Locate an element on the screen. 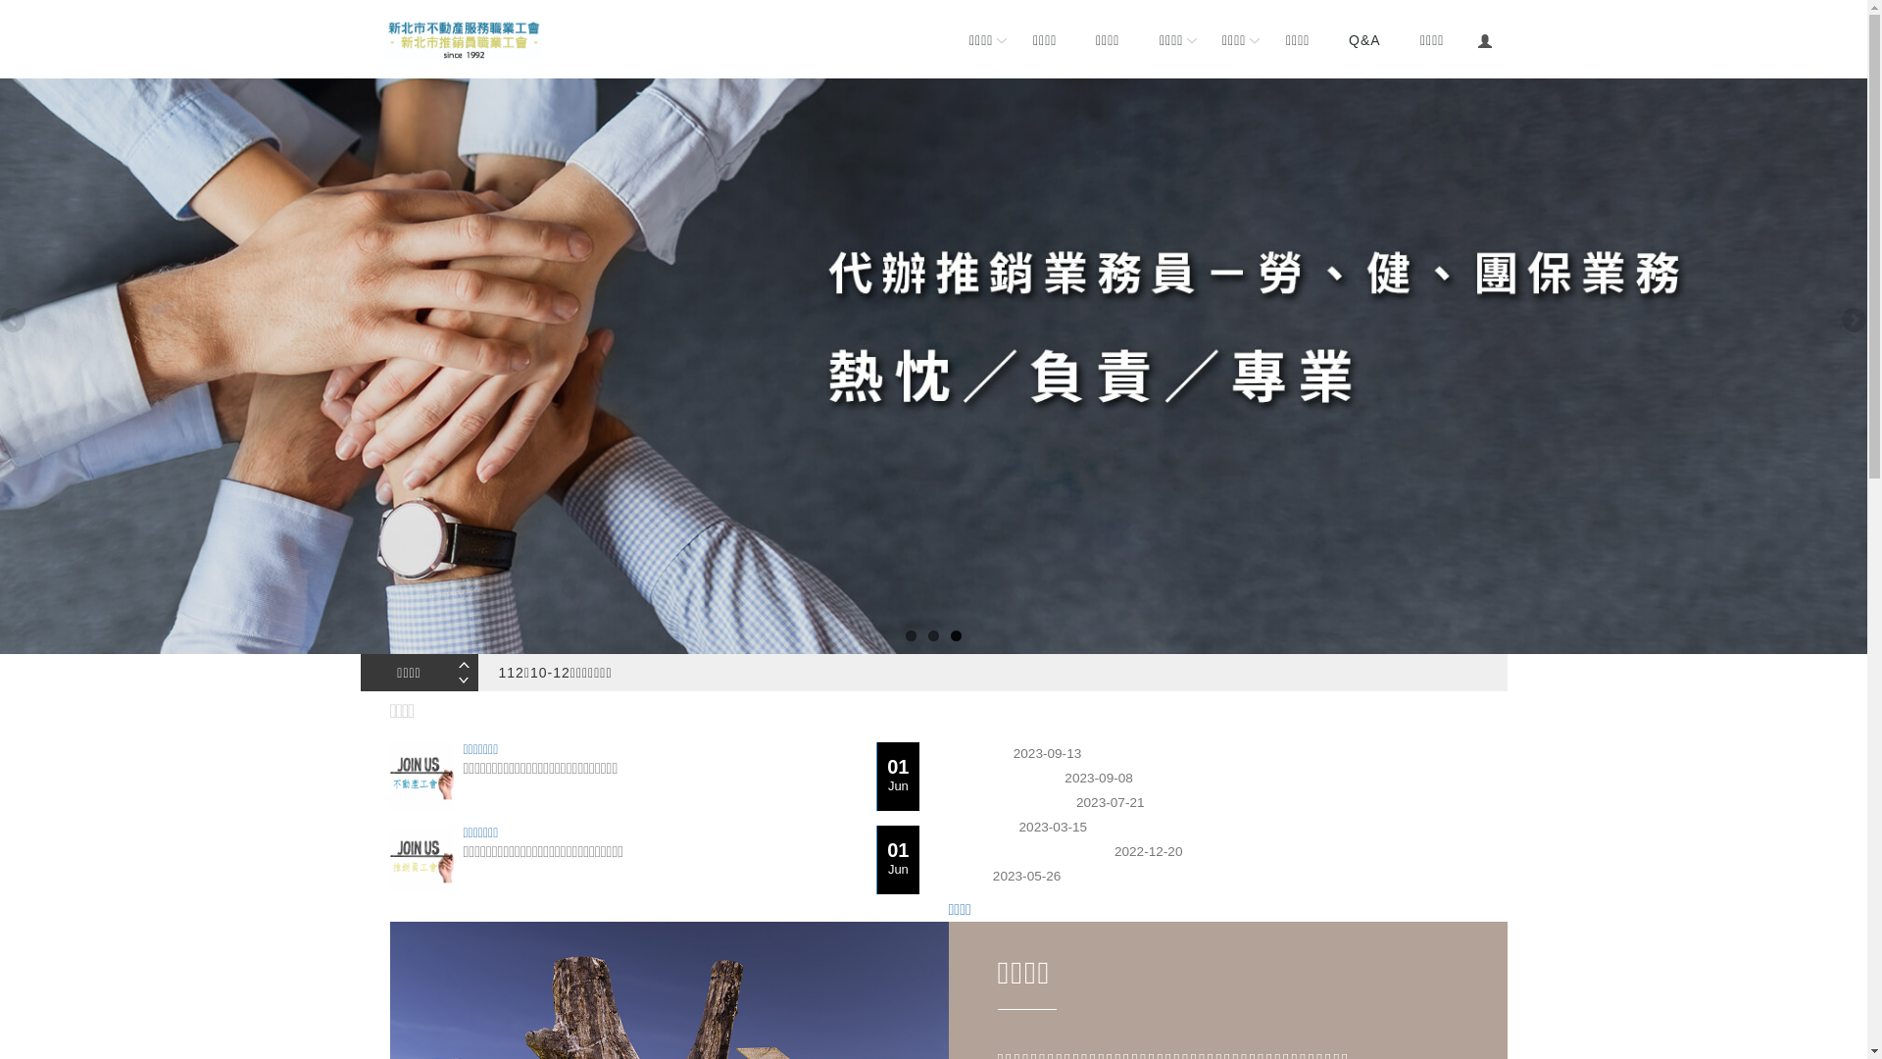 The image size is (1882, 1059). 'Next' is located at coordinates (1852, 320).